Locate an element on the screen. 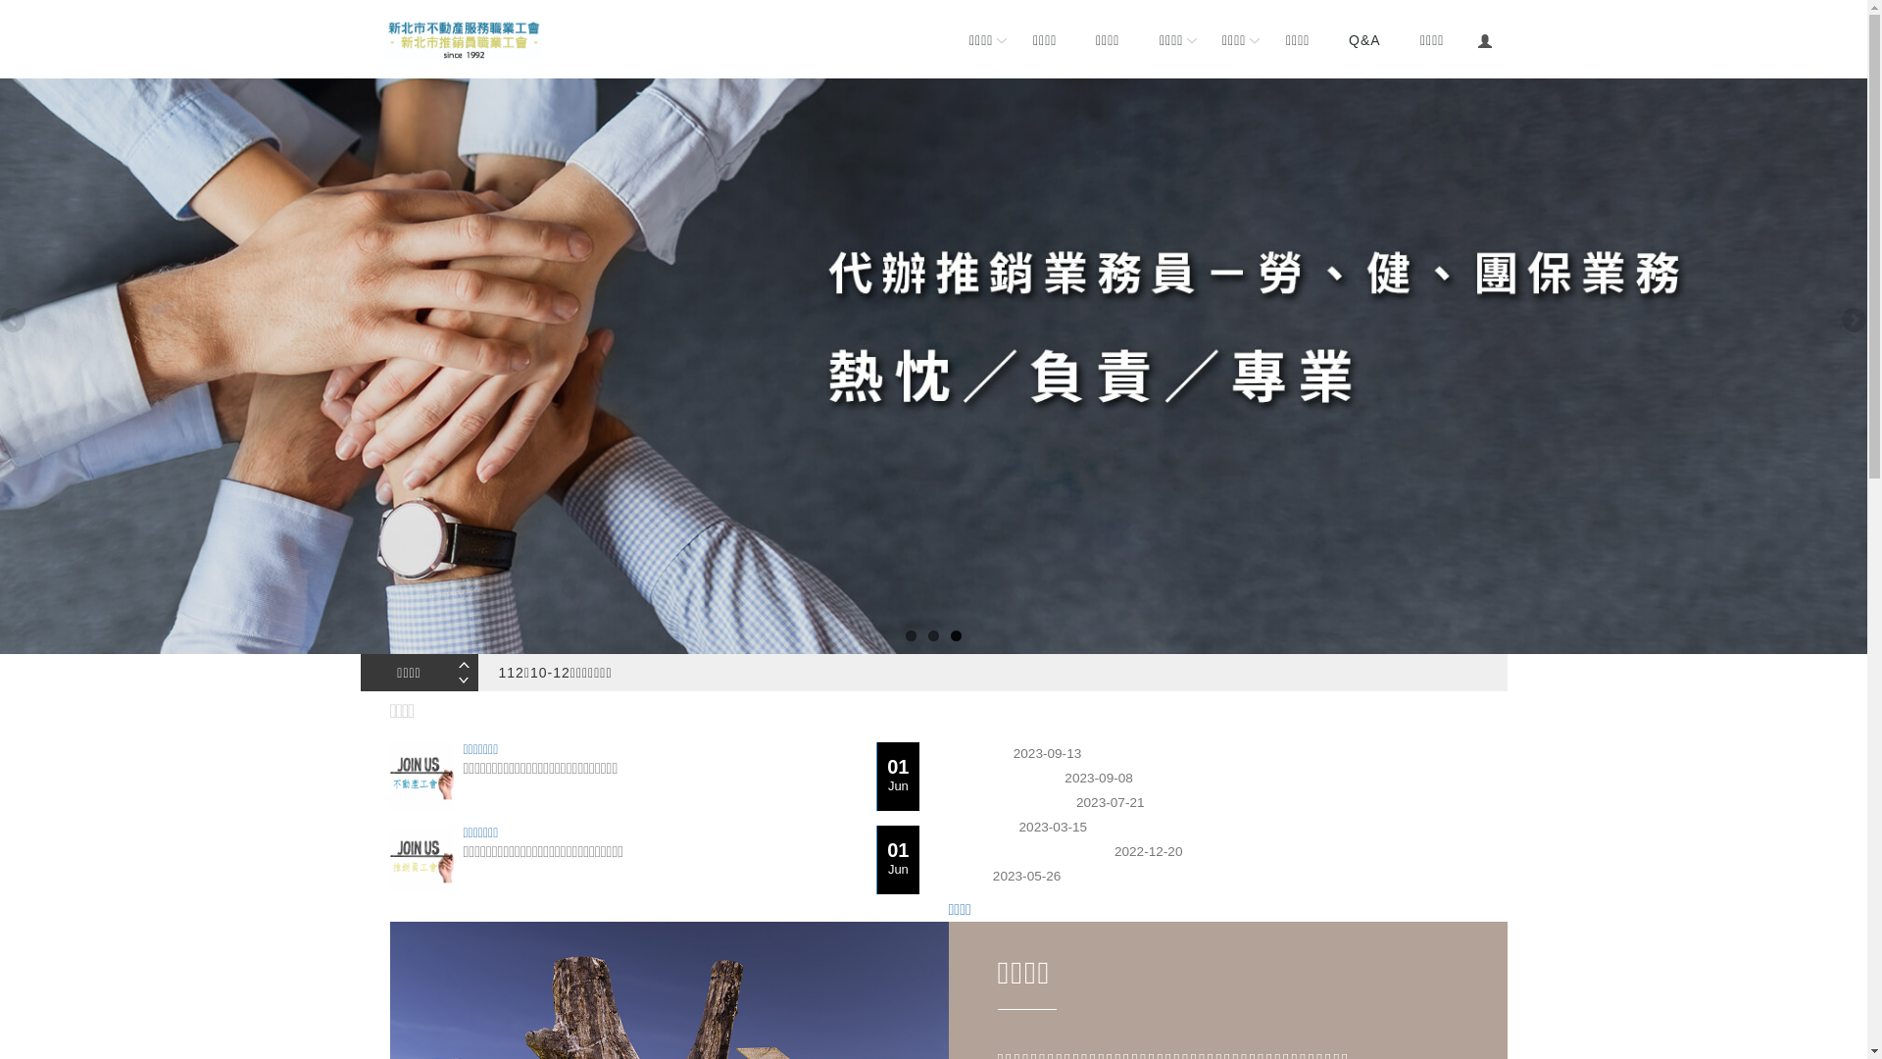 The image size is (1882, 1059). 'Next' is located at coordinates (1852, 320).